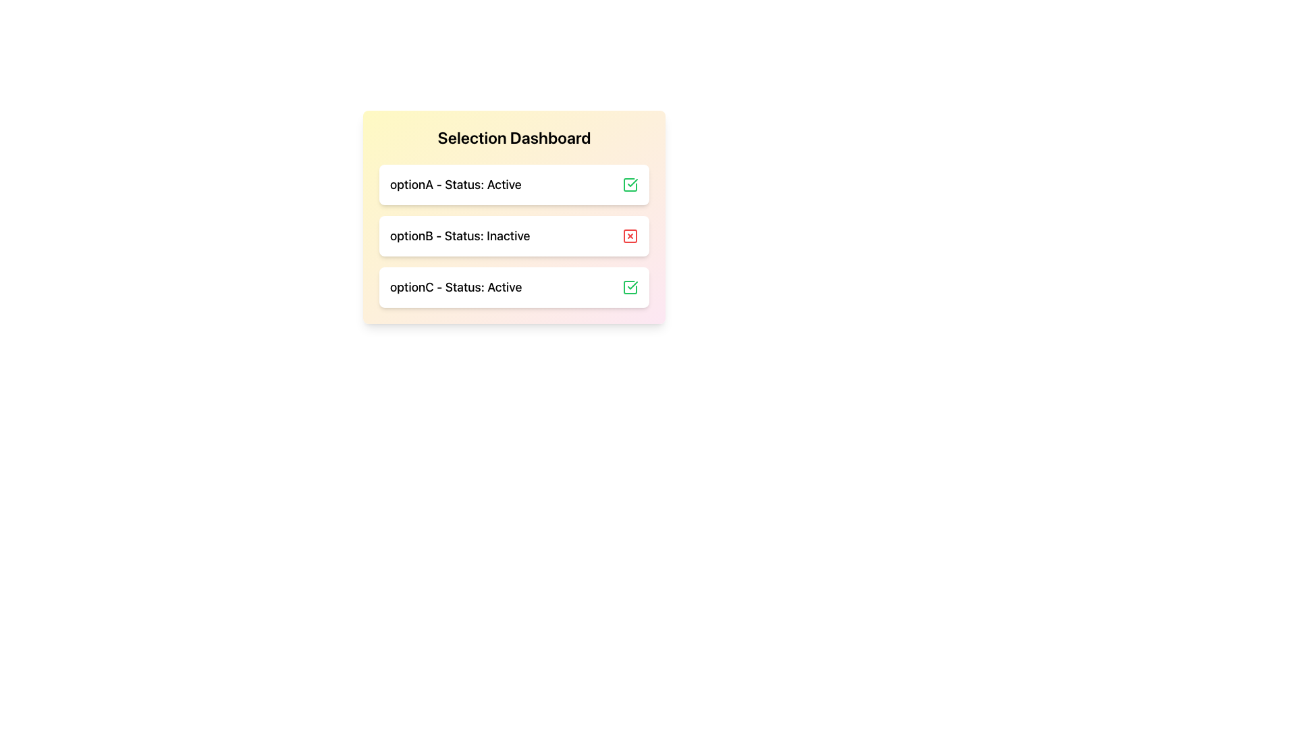  I want to click on the text label displaying 'optionC - Status: Active', which is the third item in a vertically stacked list in the dashboard, located below 'optionB - Status: Inactive', so click(456, 286).